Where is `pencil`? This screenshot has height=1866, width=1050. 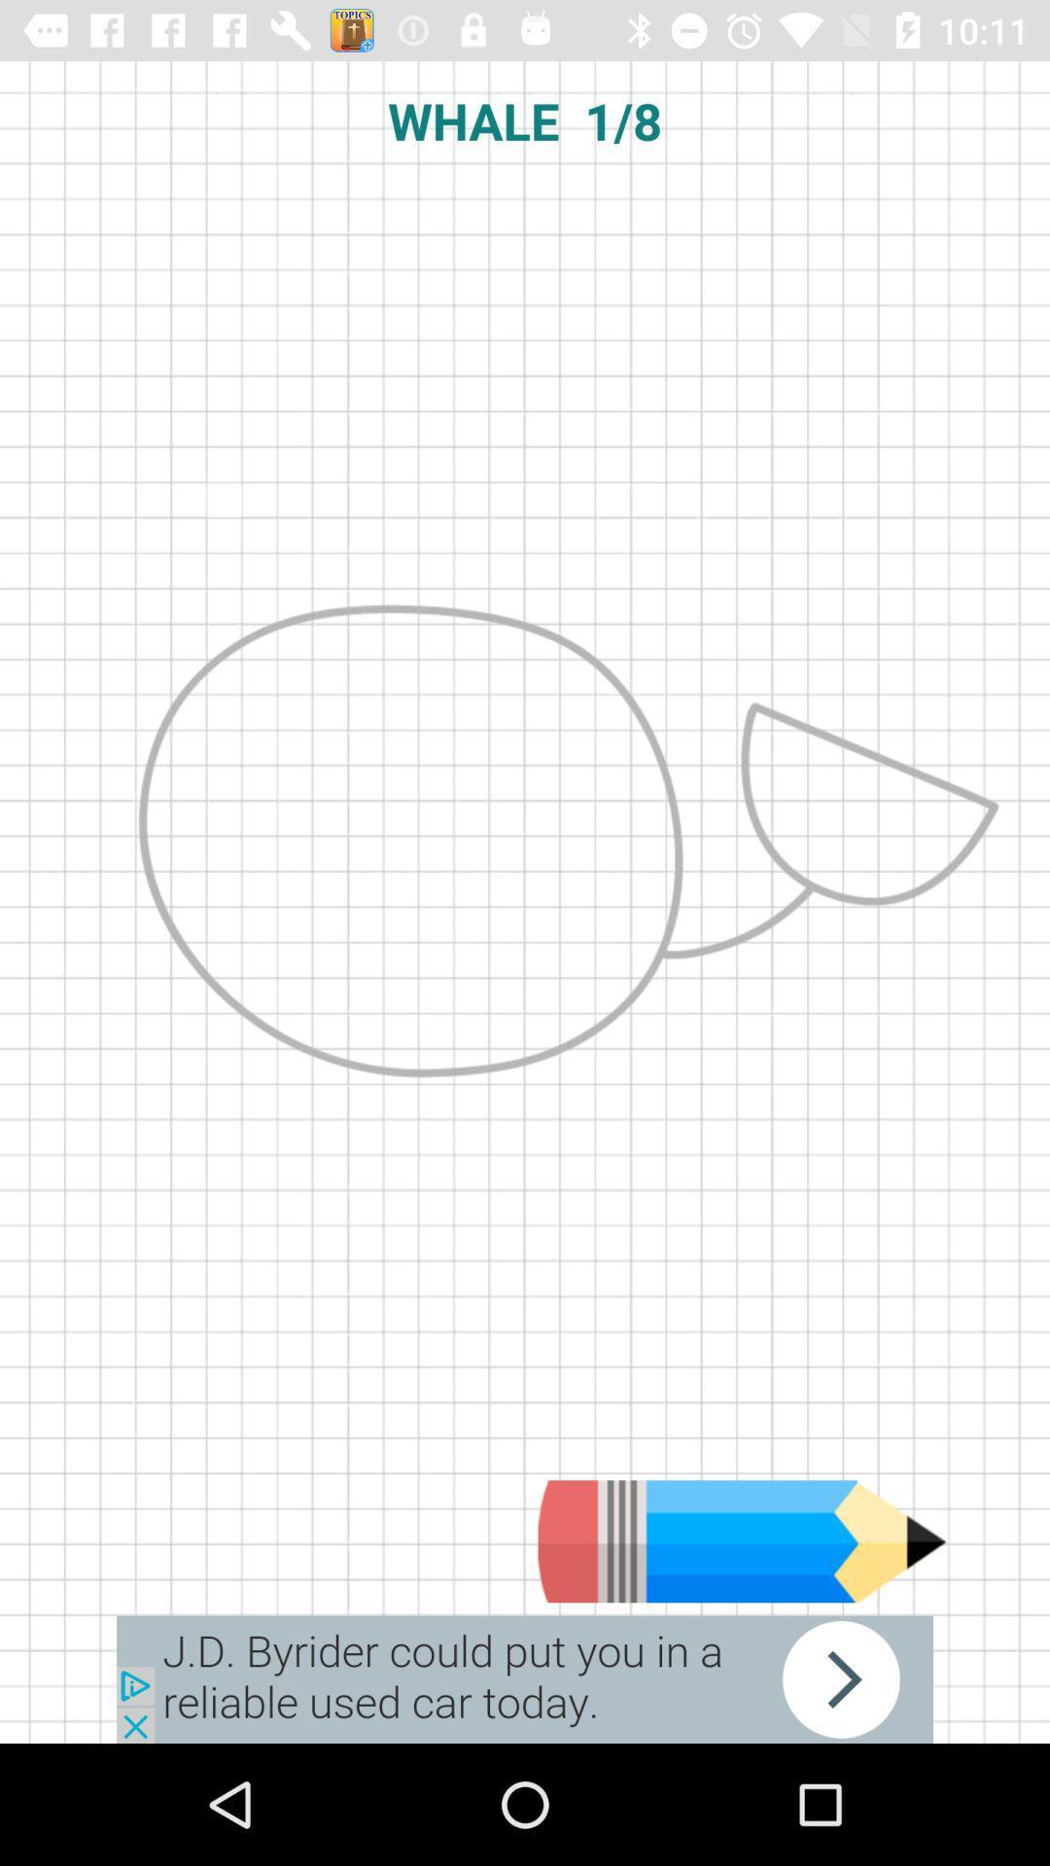
pencil is located at coordinates (742, 1540).